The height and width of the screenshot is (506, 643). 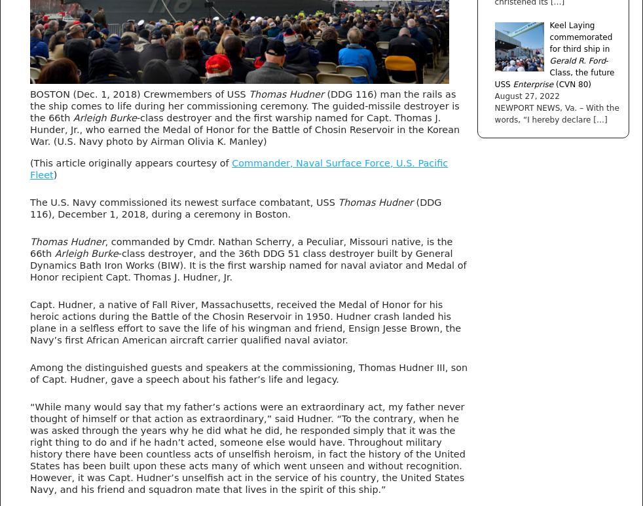 I want to click on '(DDG 116), December 1, 2018, during a ceremony in Boston.', so click(x=236, y=206).